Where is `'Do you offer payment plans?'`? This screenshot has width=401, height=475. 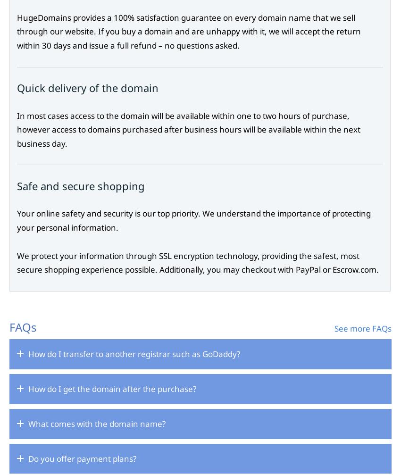 'Do you offer payment plans?' is located at coordinates (28, 458).